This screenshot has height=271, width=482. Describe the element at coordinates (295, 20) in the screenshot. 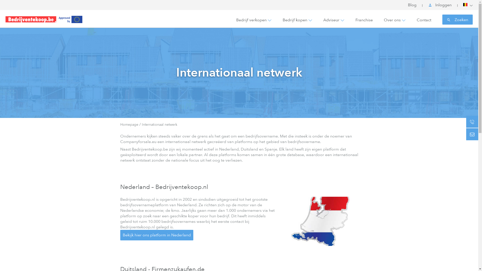

I see `'Bedrijf kopen'` at that location.